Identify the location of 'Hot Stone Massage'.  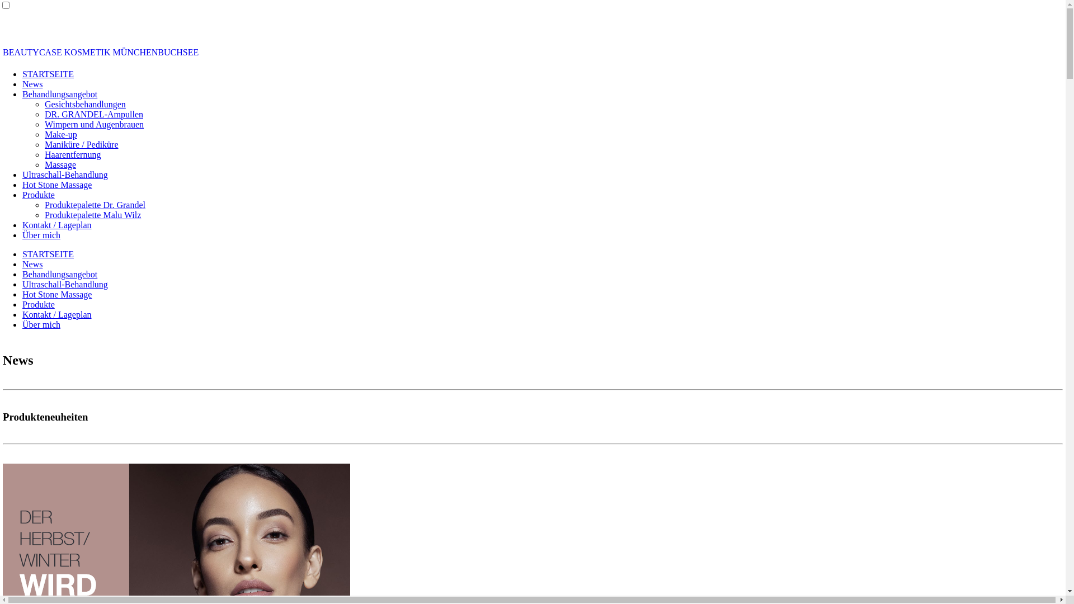
(56, 294).